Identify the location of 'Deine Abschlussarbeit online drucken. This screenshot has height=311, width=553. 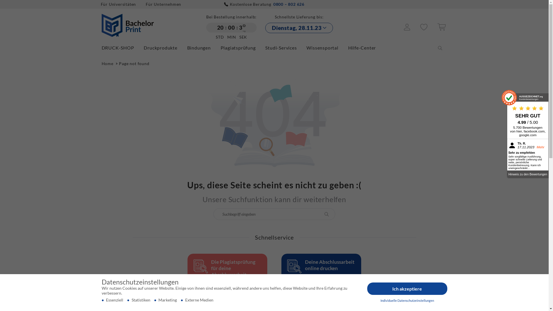
(321, 277).